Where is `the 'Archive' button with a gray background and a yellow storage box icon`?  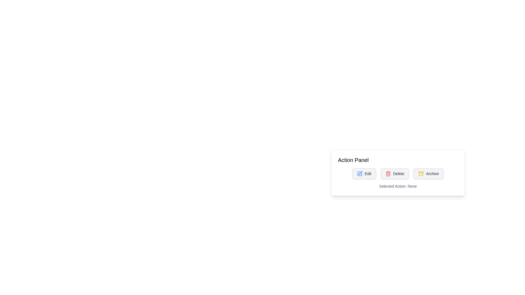
the 'Archive' button with a gray background and a yellow storage box icon is located at coordinates (428, 174).